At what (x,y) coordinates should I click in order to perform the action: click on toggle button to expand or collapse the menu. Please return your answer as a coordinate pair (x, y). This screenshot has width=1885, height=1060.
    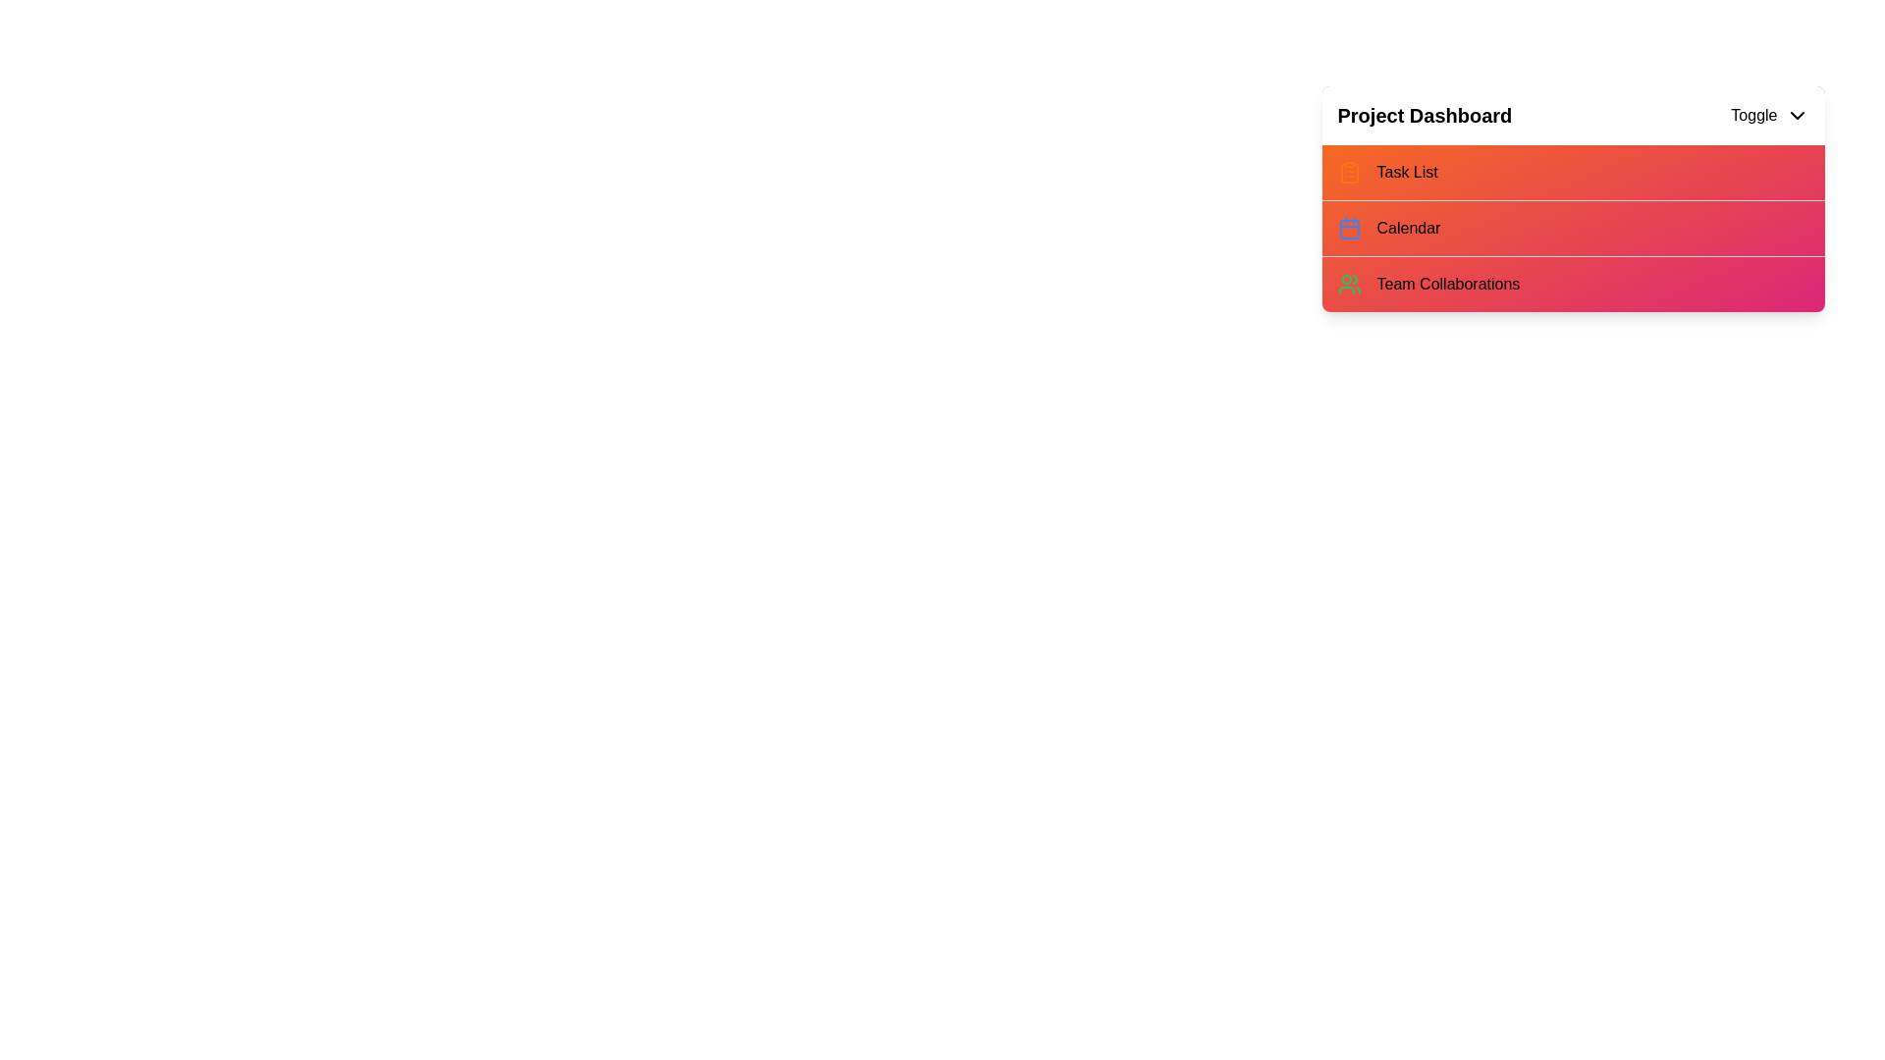
    Looking at the image, I should click on (1769, 116).